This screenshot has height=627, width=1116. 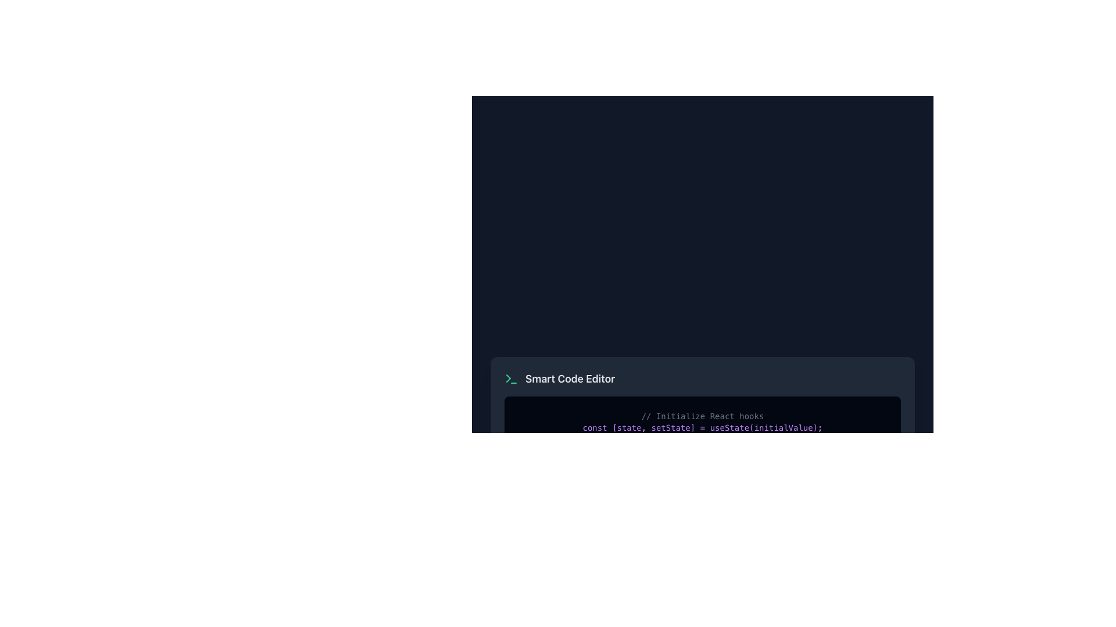 I want to click on the code snippet displaying the React hook initialization statement 'const [state, setState] = useState(initialValue);' to read its content, so click(x=702, y=427).